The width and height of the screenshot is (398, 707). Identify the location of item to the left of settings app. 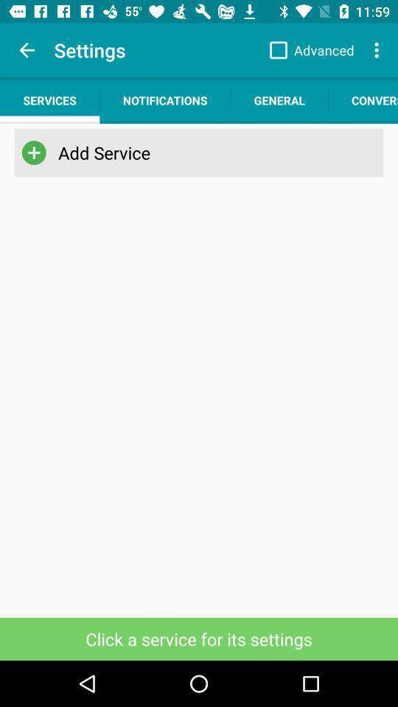
(27, 50).